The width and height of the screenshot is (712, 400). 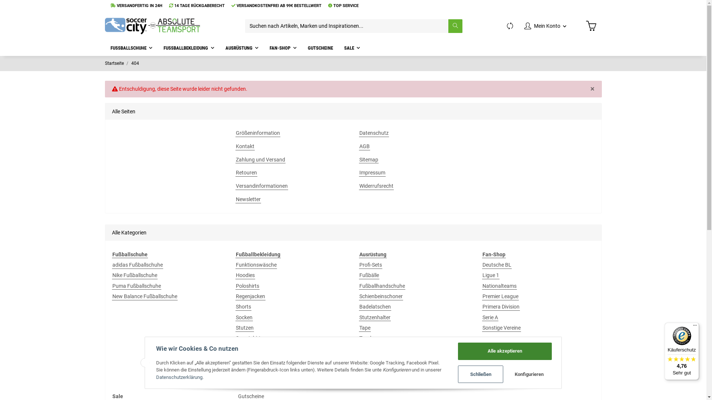 I want to click on 'Kontakt', so click(x=245, y=146).